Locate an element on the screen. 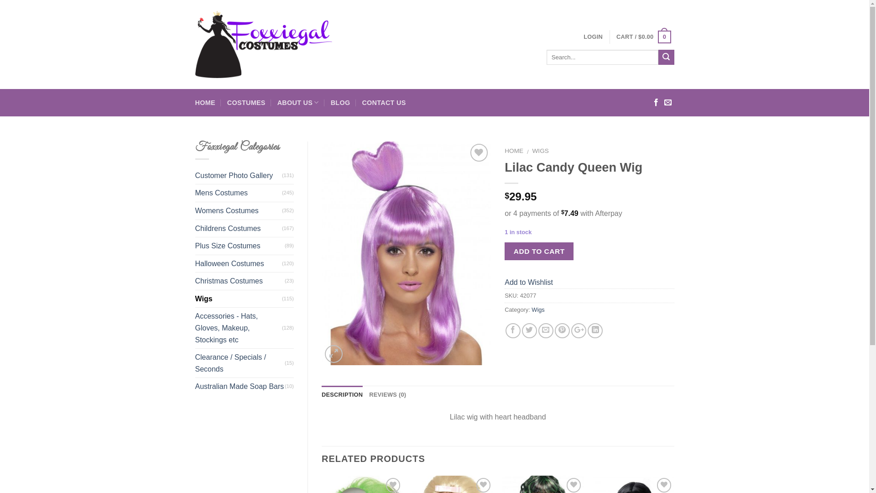  'Halloween Costumes' is located at coordinates (239, 264).